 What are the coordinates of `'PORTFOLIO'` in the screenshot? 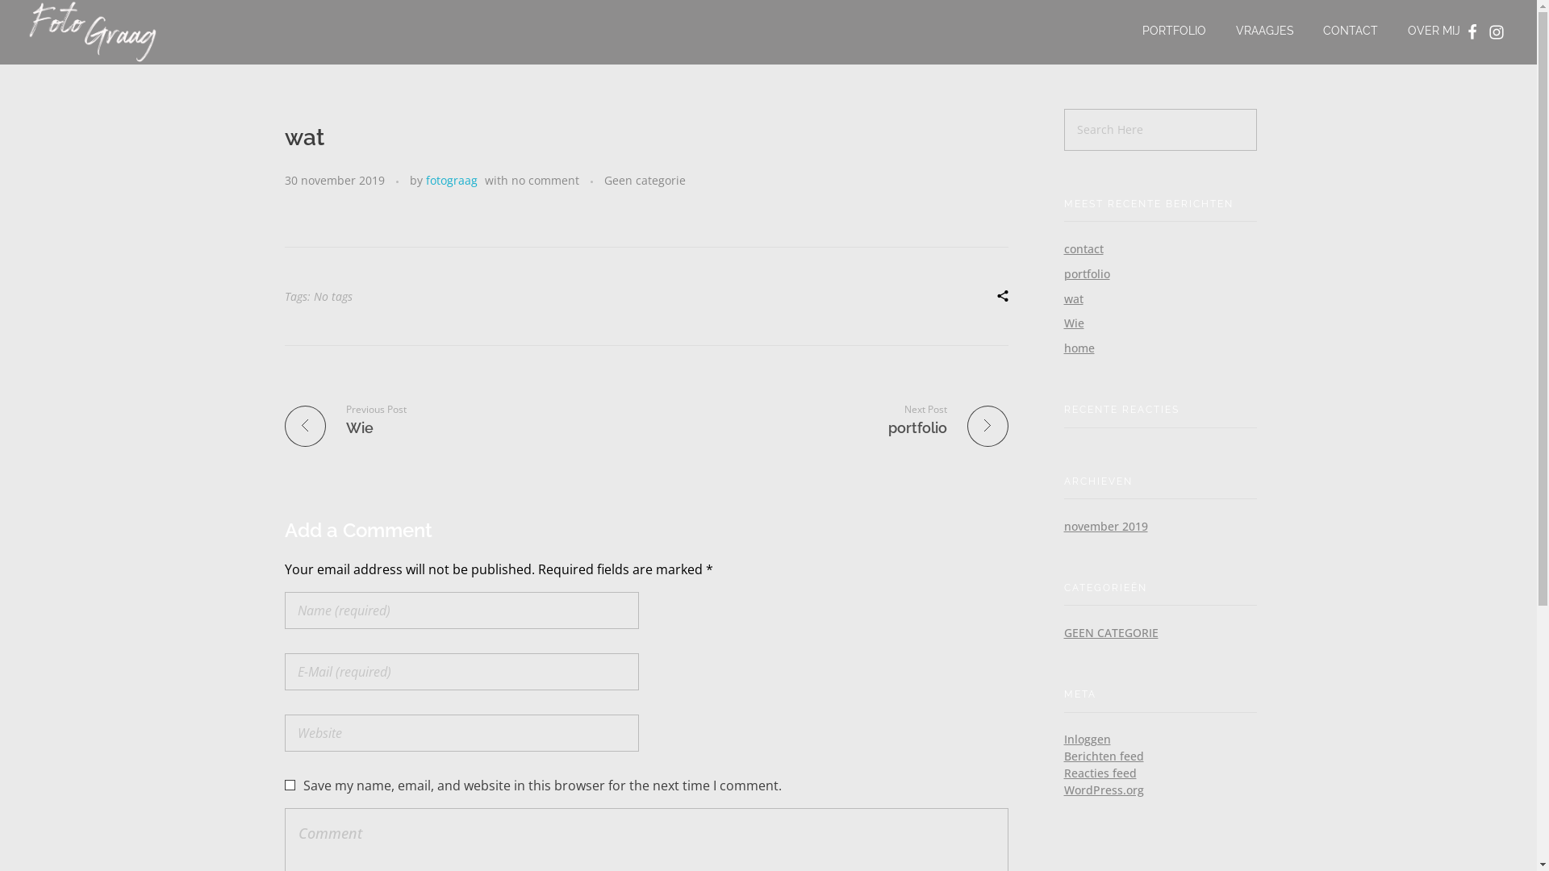 It's located at (1181, 31).